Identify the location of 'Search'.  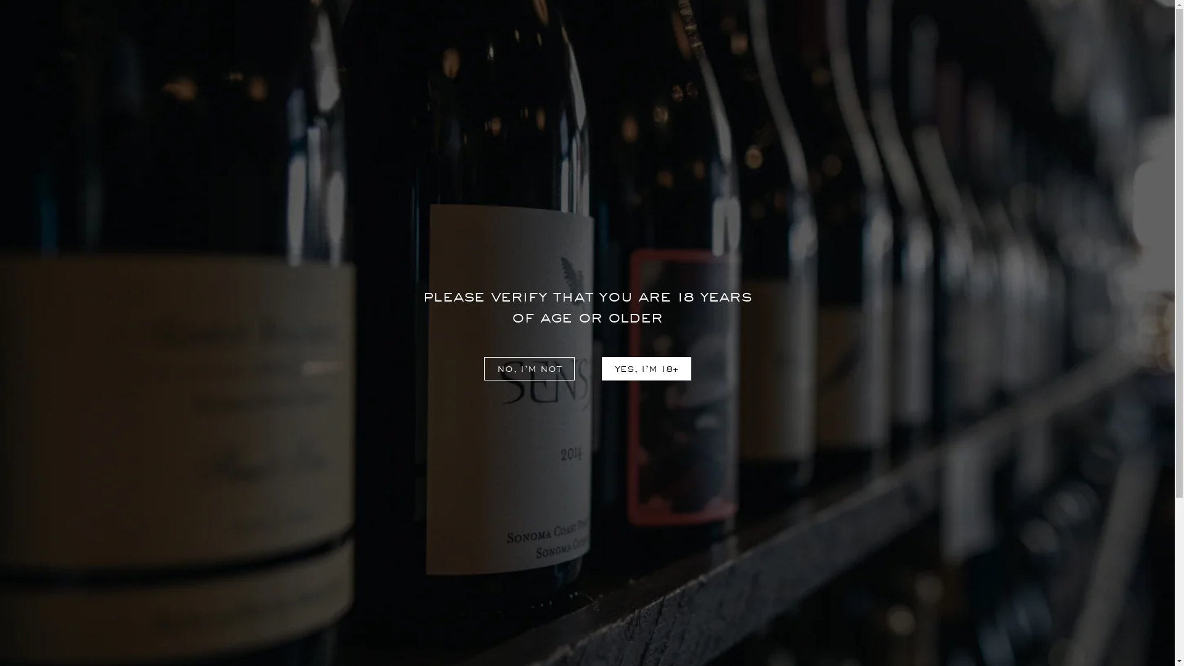
(1059, 39).